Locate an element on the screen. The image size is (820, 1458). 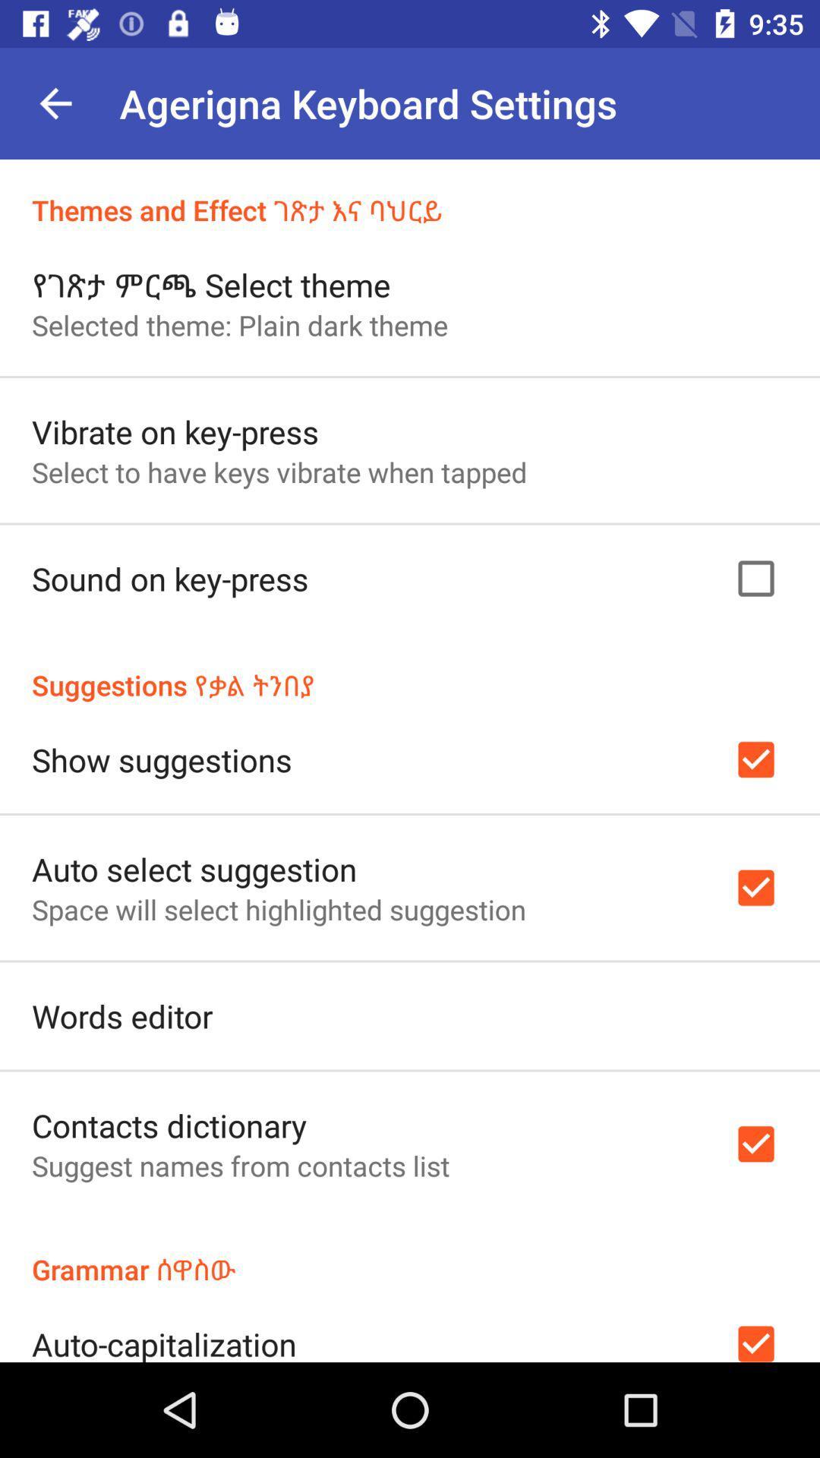
suggest names from item is located at coordinates (240, 1165).